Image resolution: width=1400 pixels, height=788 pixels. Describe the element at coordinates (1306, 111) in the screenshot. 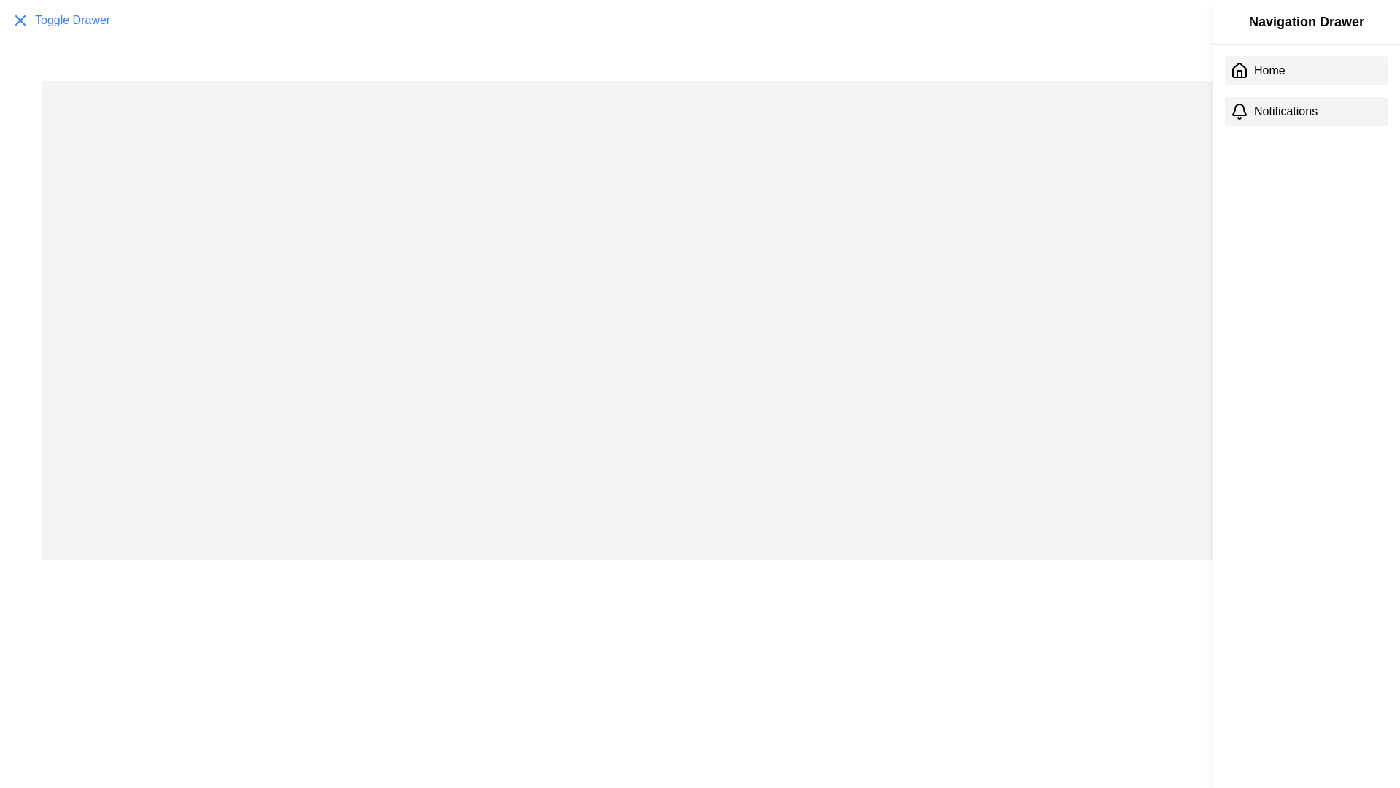

I see `the 'Notifications' button, which is a rectangular button with rounded corners, light gray background, and a bell icon to its left, located in the vertical navigation drawer after the 'Home' button` at that location.